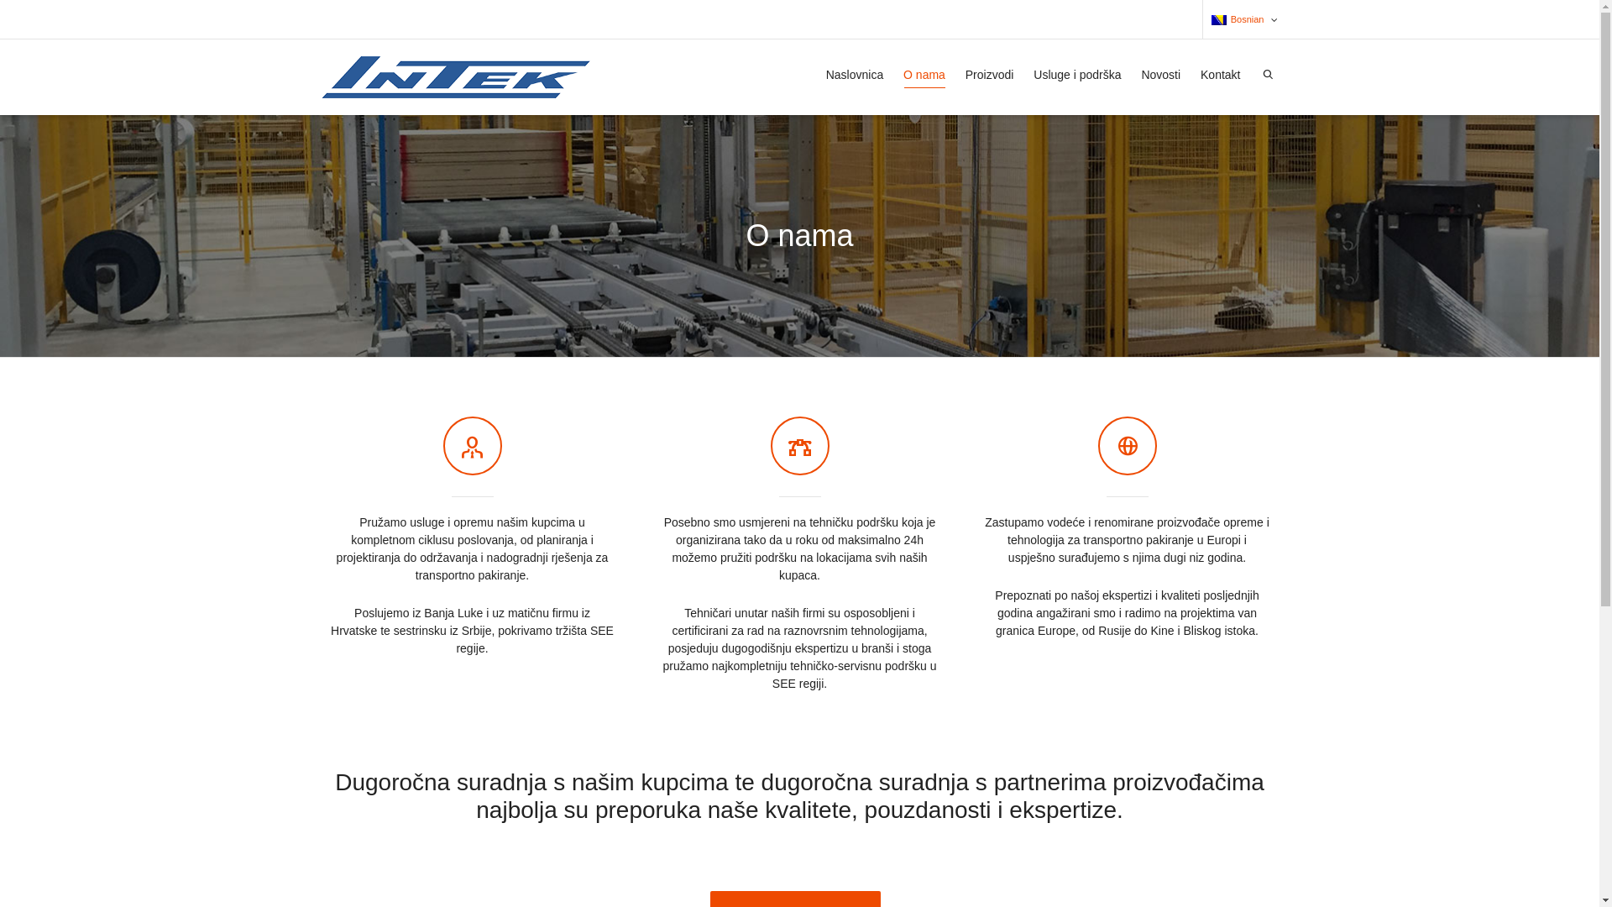 Image resolution: width=1612 pixels, height=907 pixels. Describe the element at coordinates (1220, 74) in the screenshot. I see `'Kontakt'` at that location.